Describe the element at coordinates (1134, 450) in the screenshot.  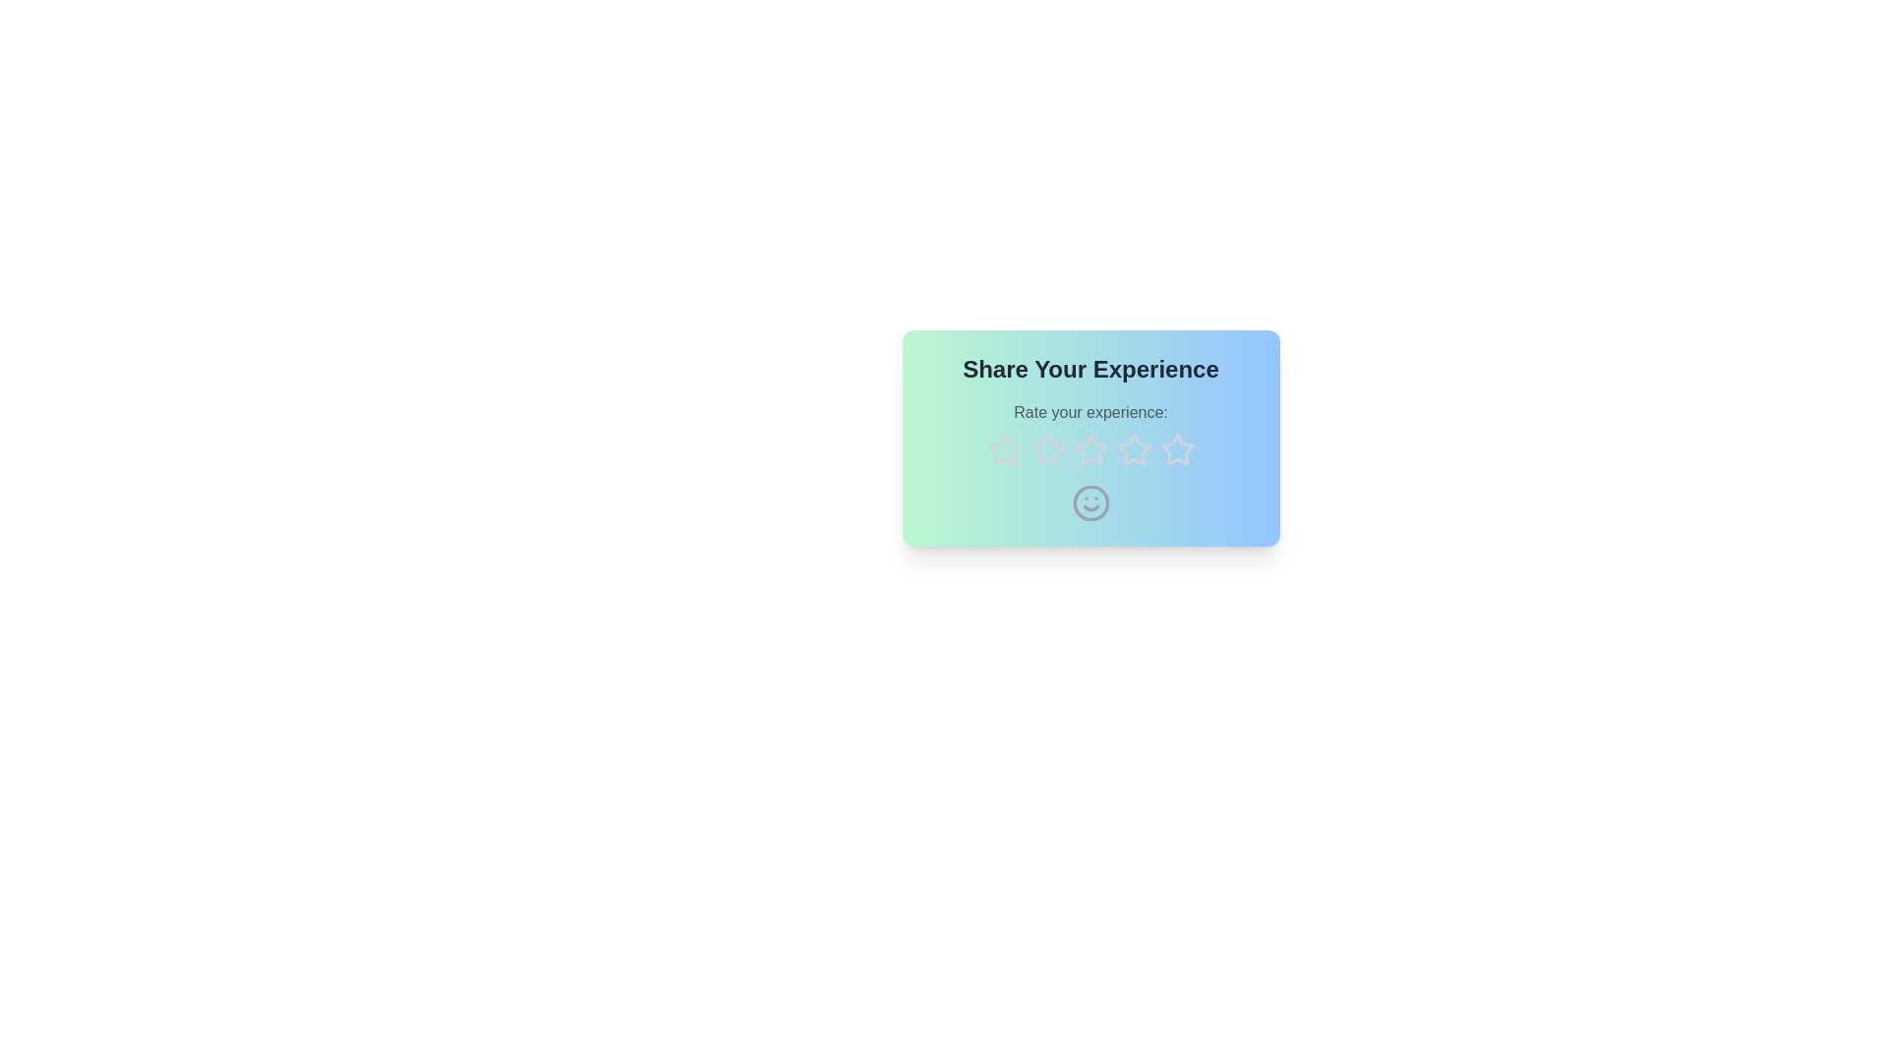
I see `the star corresponding to 4 to preview the rating` at that location.